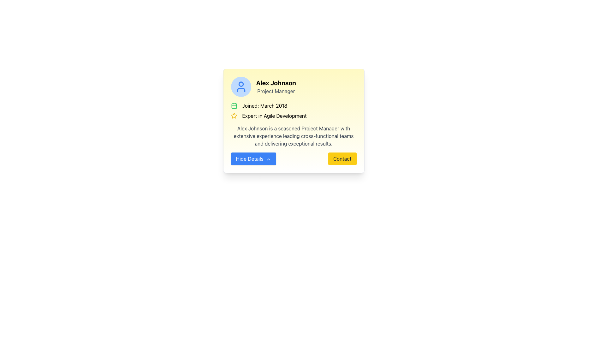  I want to click on the circular avatar icon featuring a user silhouette in blue, located at the top-left of the profile card for 'Alex Johnson', so click(241, 87).